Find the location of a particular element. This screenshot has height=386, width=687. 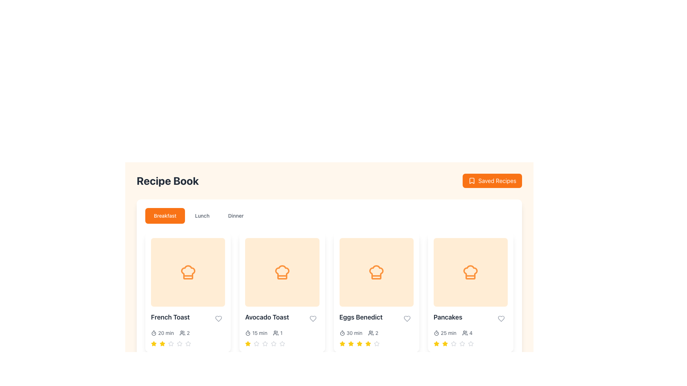

individual stars in the rating component for the 'Eggs Benedict' recipe to adjust the rating is located at coordinates (376, 343).